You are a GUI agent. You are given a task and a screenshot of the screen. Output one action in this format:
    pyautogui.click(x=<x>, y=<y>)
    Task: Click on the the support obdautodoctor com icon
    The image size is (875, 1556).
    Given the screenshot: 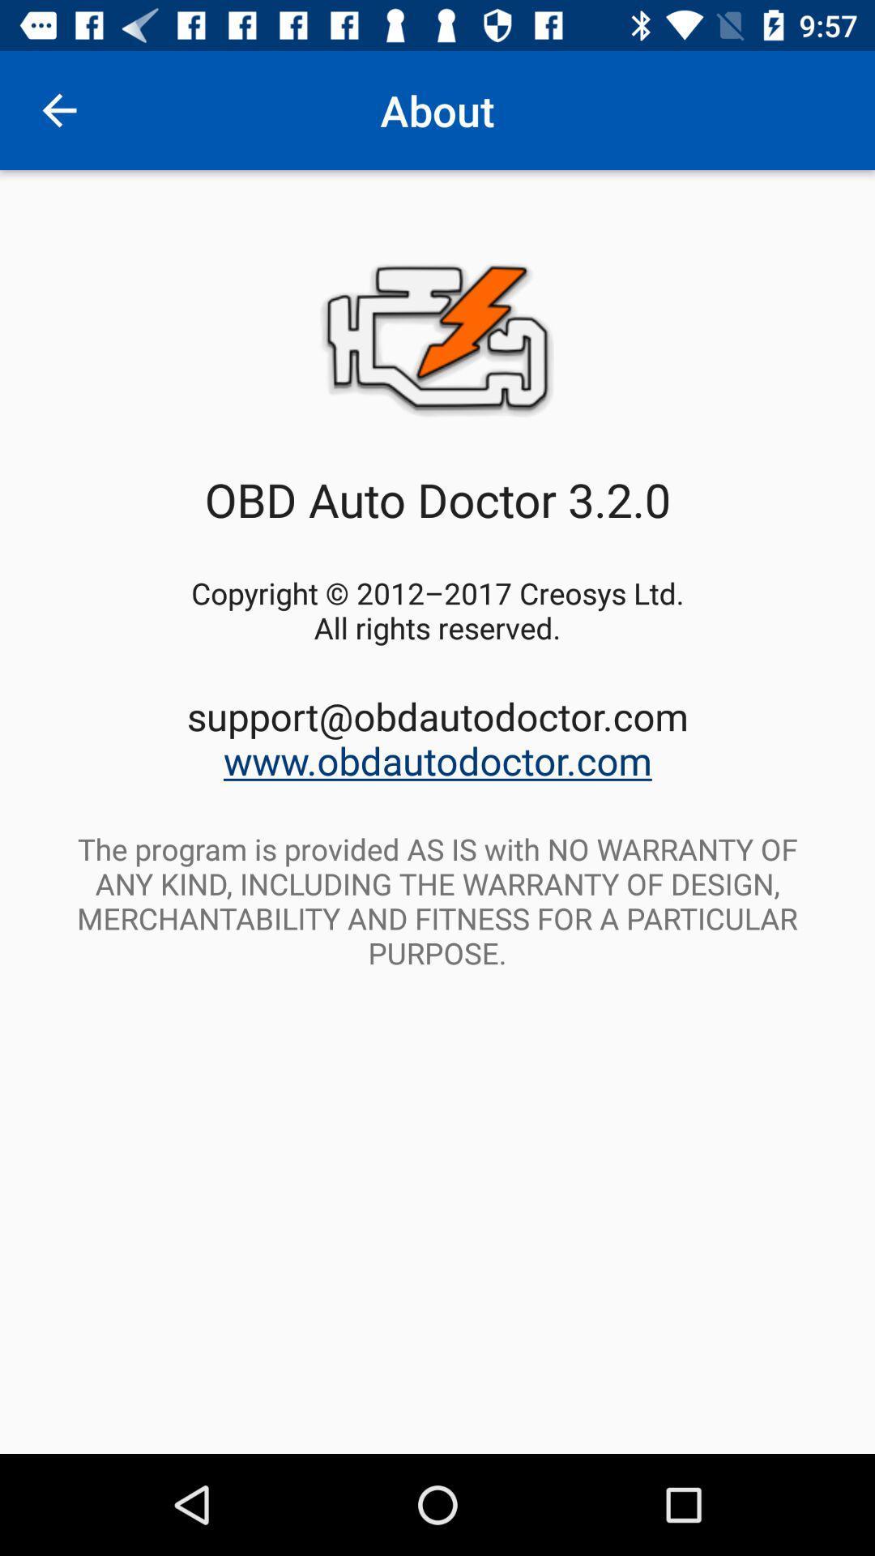 What is the action you would take?
    pyautogui.click(x=437, y=737)
    